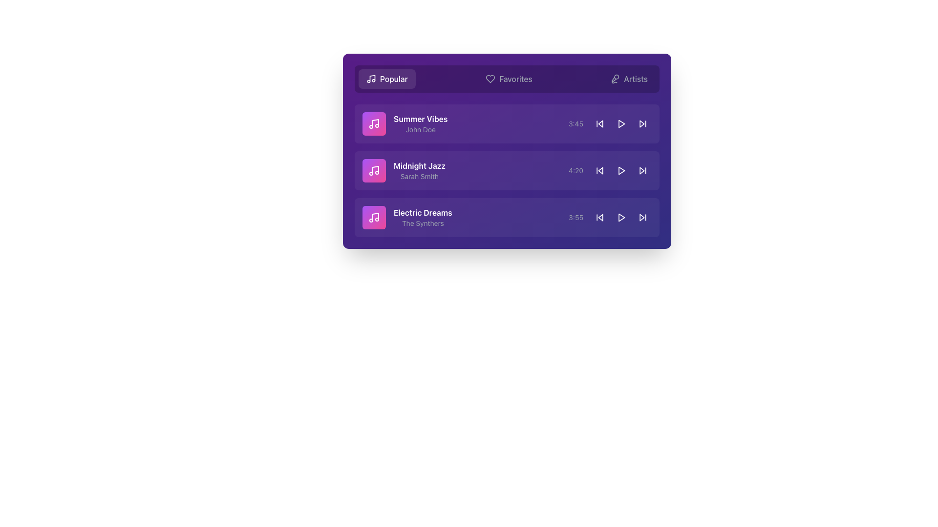 This screenshot has width=938, height=527. What do you see at coordinates (374, 123) in the screenshot?
I see `the vivid gradient square icon featuring a white musical note at its center to initiate an action` at bounding box center [374, 123].